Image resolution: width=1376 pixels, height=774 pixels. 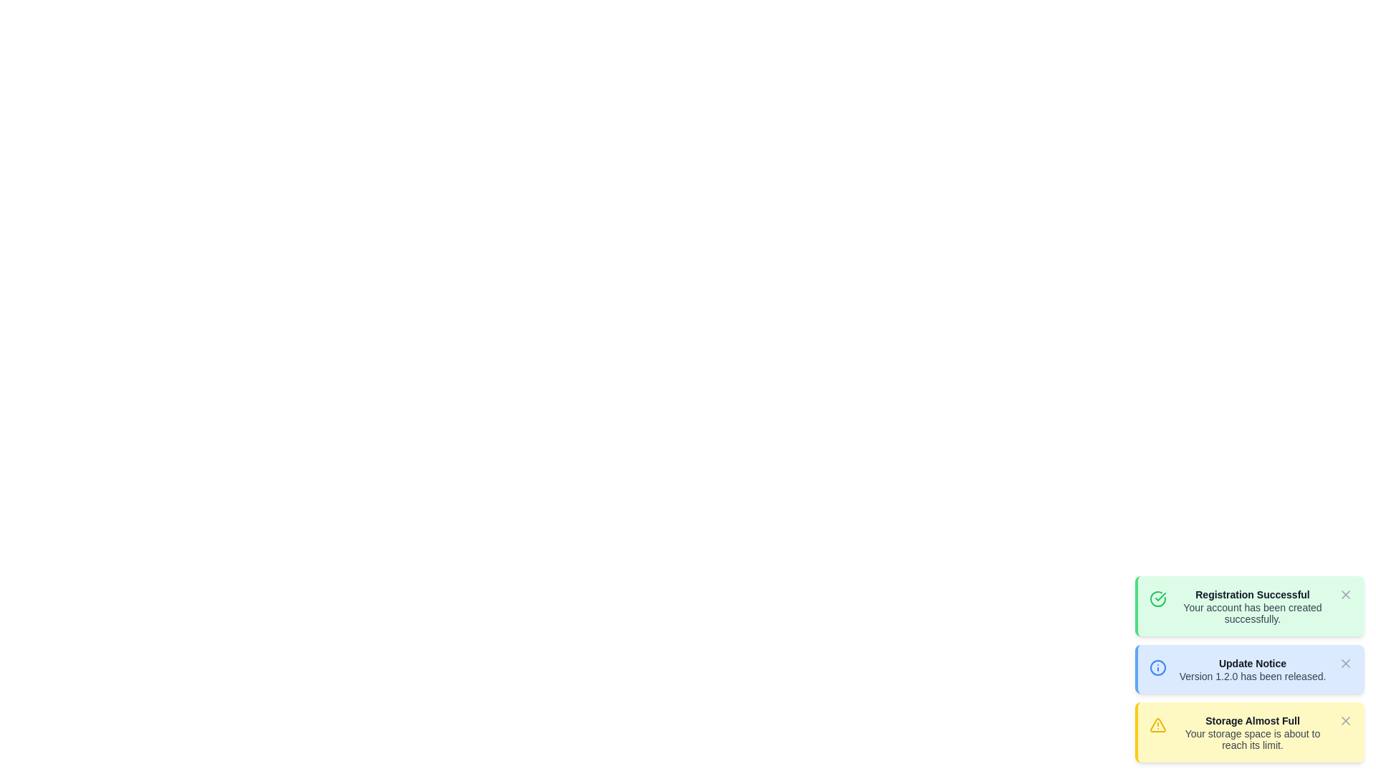 What do you see at coordinates (1251, 677) in the screenshot?
I see `the text label providing additional details about the update notice, located below the 'Update Notice' title within a notification card` at bounding box center [1251, 677].